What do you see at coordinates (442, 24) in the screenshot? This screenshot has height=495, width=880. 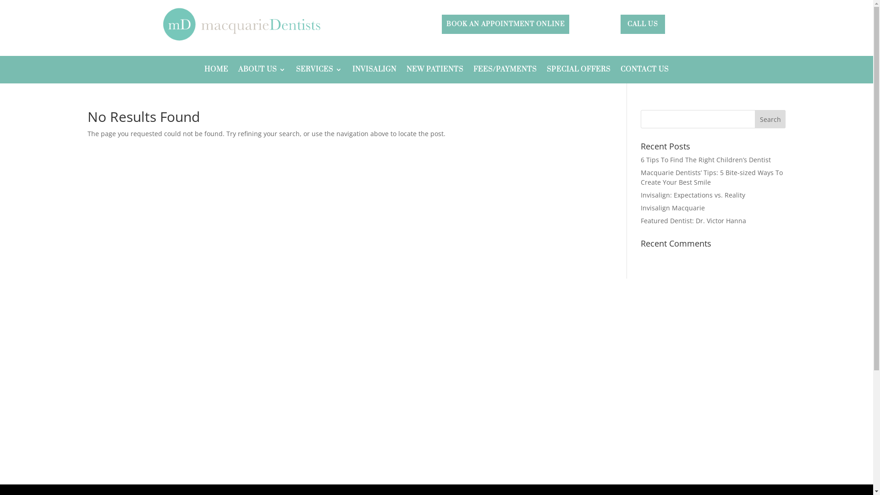 I see `'BOOK AN APPOINTMENT ONLINE'` at bounding box center [442, 24].